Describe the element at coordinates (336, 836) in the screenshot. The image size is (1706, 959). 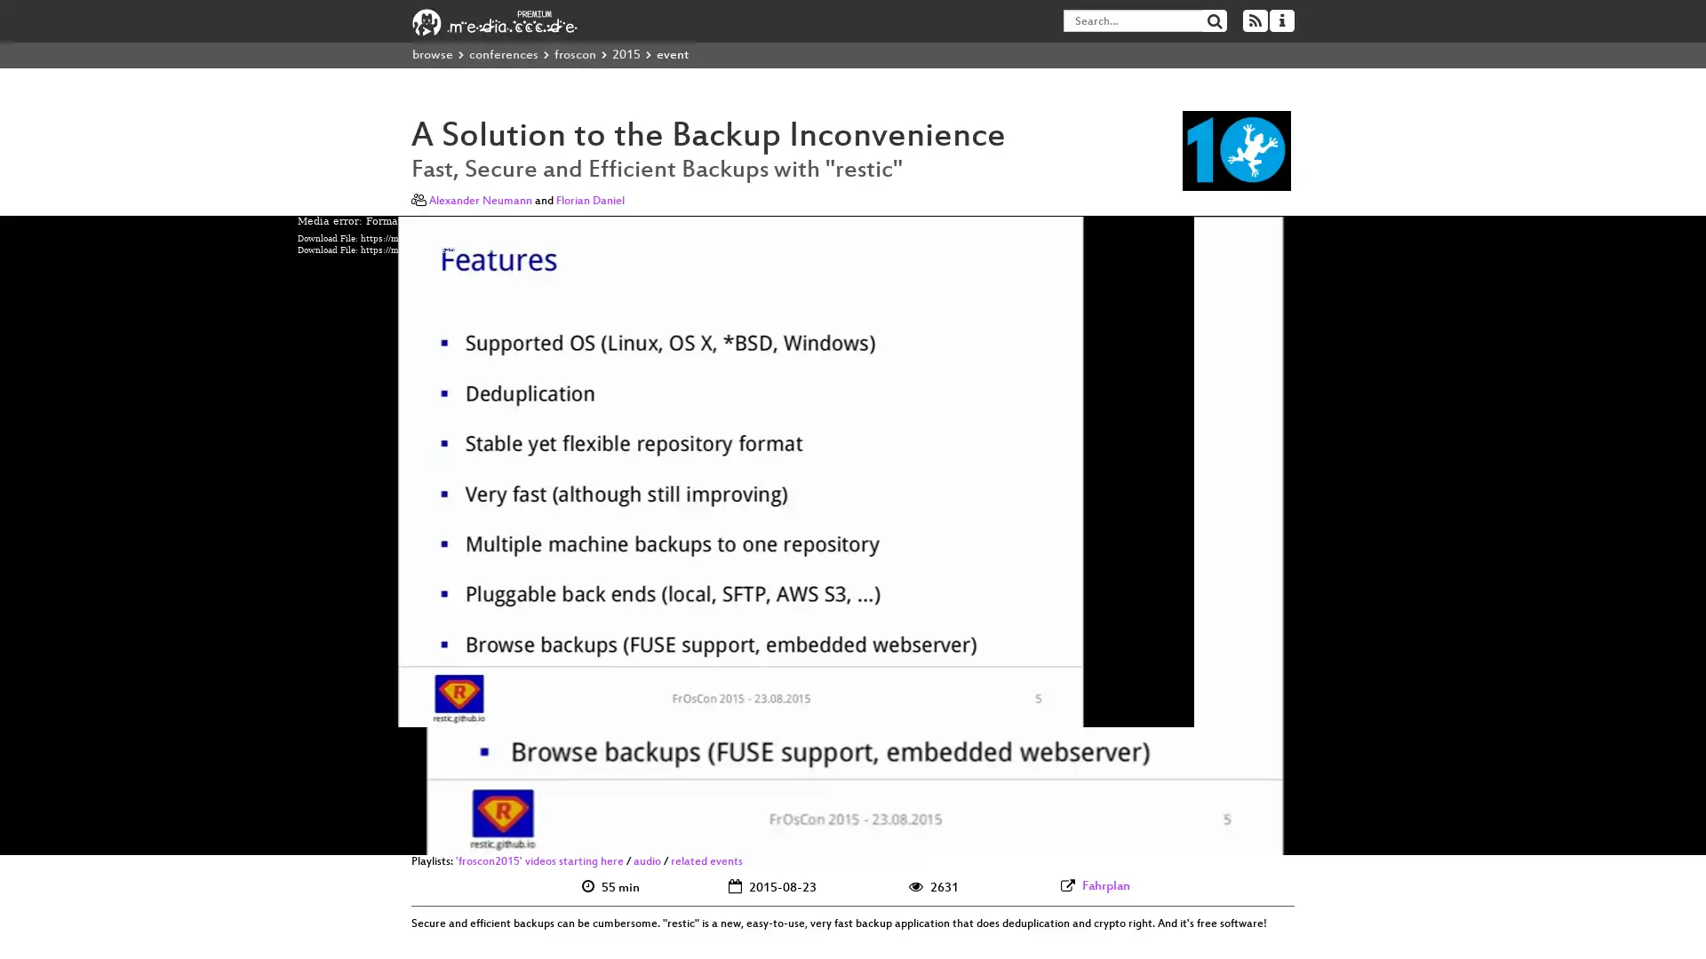
I see `Play` at that location.